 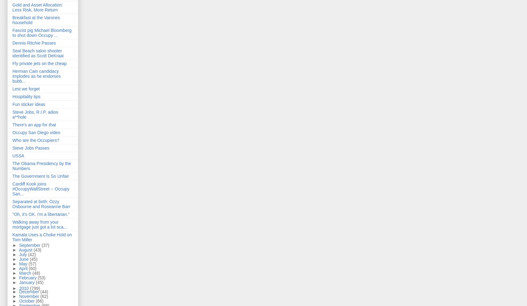 I want to click on 'September', so click(x=19, y=245).